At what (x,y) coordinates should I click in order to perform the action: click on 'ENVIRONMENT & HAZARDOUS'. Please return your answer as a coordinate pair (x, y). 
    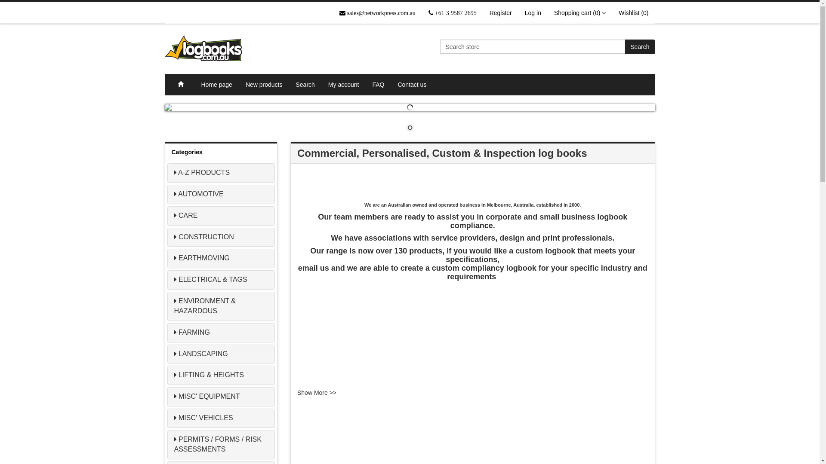
    Looking at the image, I should click on (204, 305).